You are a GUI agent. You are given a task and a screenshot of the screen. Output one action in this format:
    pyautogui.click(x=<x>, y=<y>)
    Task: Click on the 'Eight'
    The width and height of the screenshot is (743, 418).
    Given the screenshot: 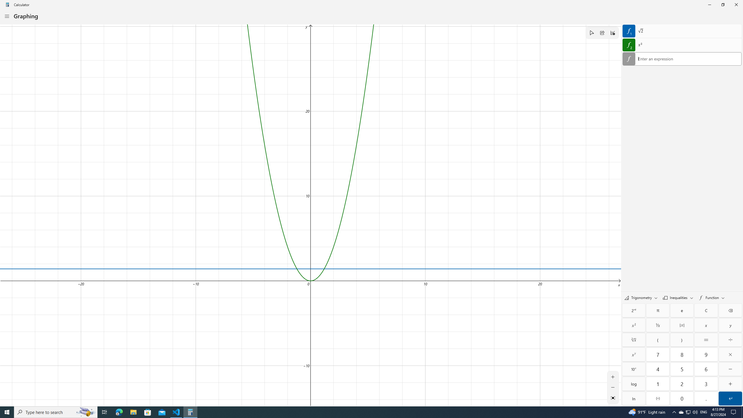 What is the action you would take?
    pyautogui.click(x=682, y=354)
    